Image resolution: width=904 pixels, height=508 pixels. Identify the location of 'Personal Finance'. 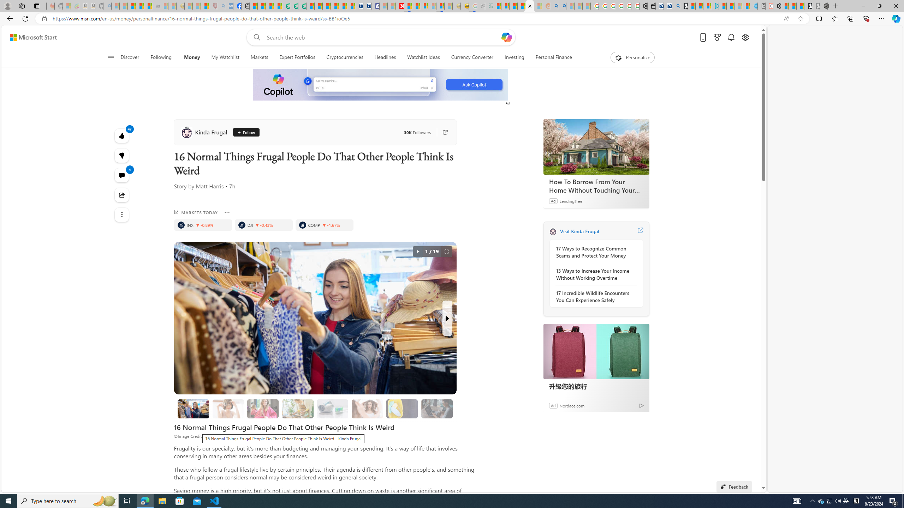
(554, 57).